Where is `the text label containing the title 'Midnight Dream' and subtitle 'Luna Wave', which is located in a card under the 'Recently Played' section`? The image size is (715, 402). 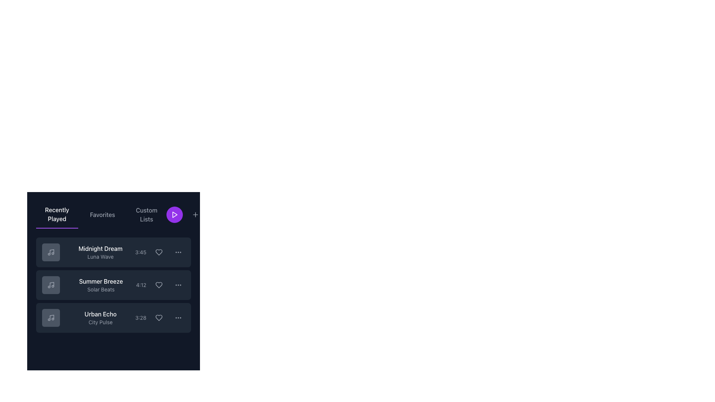 the text label containing the title 'Midnight Dream' and subtitle 'Luna Wave', which is located in a card under the 'Recently Played' section is located at coordinates (100, 252).